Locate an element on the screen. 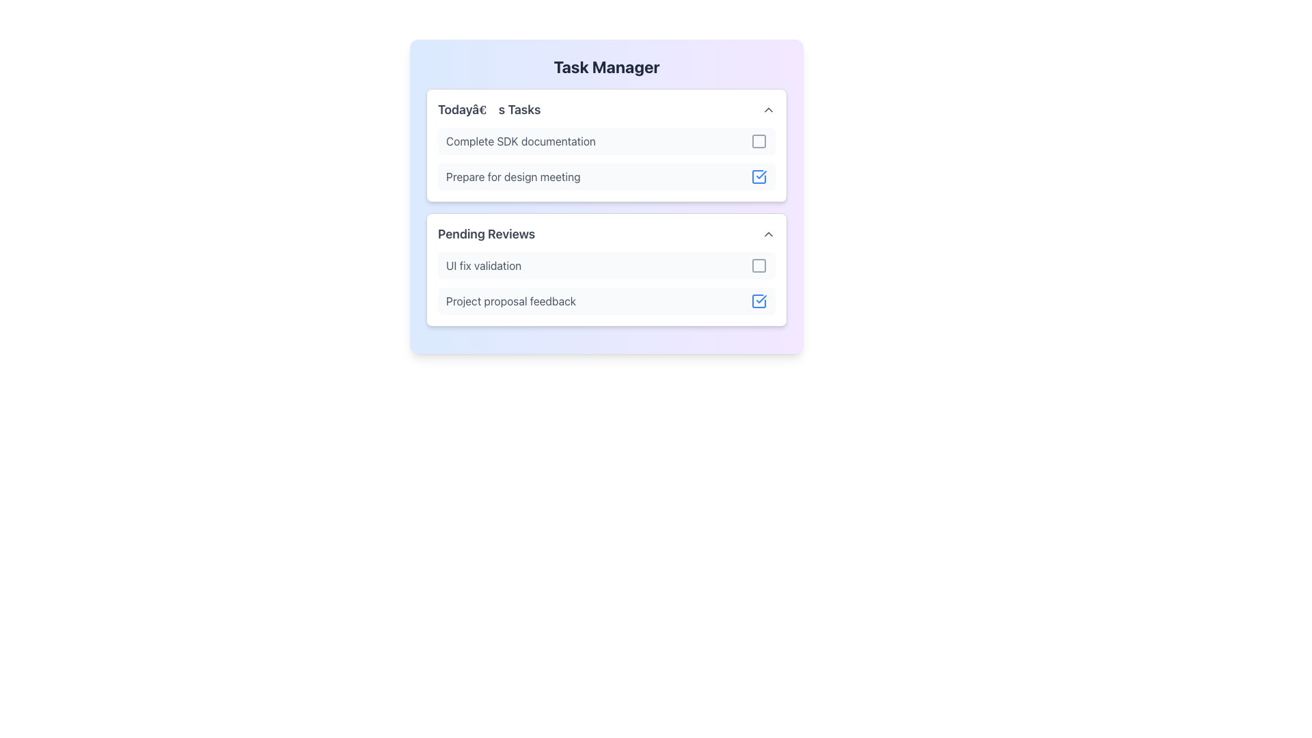 This screenshot has height=738, width=1312. the check mark icon inside the checkbox is located at coordinates (761, 299).